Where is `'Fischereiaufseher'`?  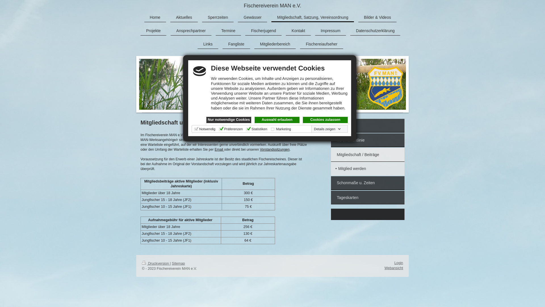 'Fischereiaufseher' is located at coordinates (321, 44).